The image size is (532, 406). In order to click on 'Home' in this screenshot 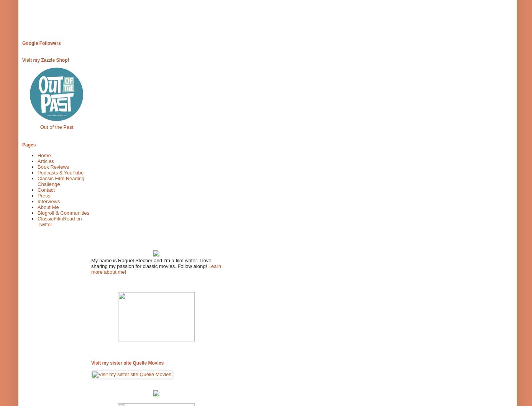, I will do `click(37, 155)`.